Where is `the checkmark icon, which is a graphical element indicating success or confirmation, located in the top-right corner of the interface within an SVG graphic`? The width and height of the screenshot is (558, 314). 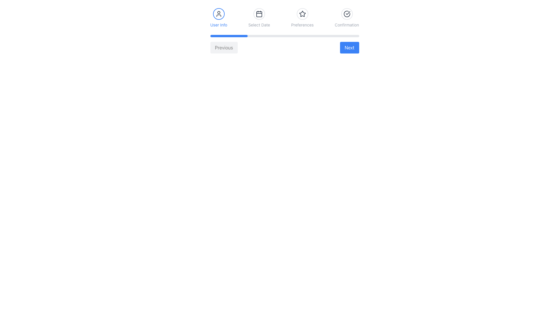 the checkmark icon, which is a graphical element indicating success or confirmation, located in the top-right corner of the interface within an SVG graphic is located at coordinates (348, 13).